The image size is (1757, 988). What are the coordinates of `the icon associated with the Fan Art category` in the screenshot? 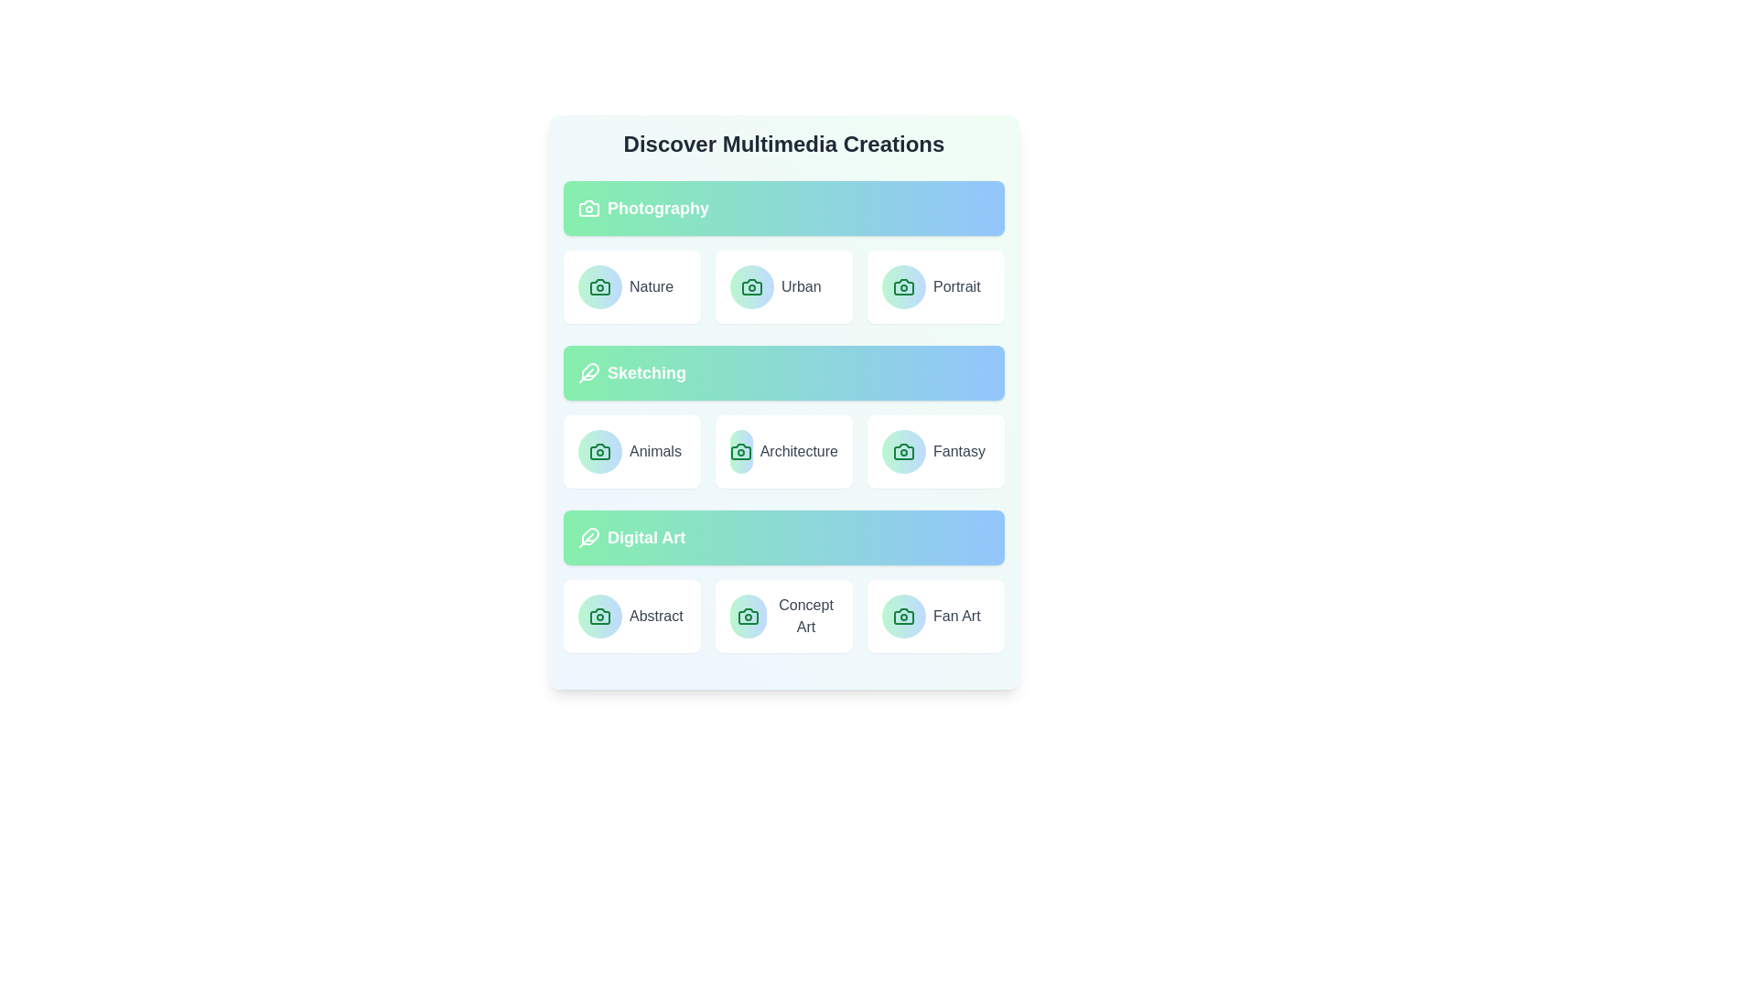 It's located at (904, 617).